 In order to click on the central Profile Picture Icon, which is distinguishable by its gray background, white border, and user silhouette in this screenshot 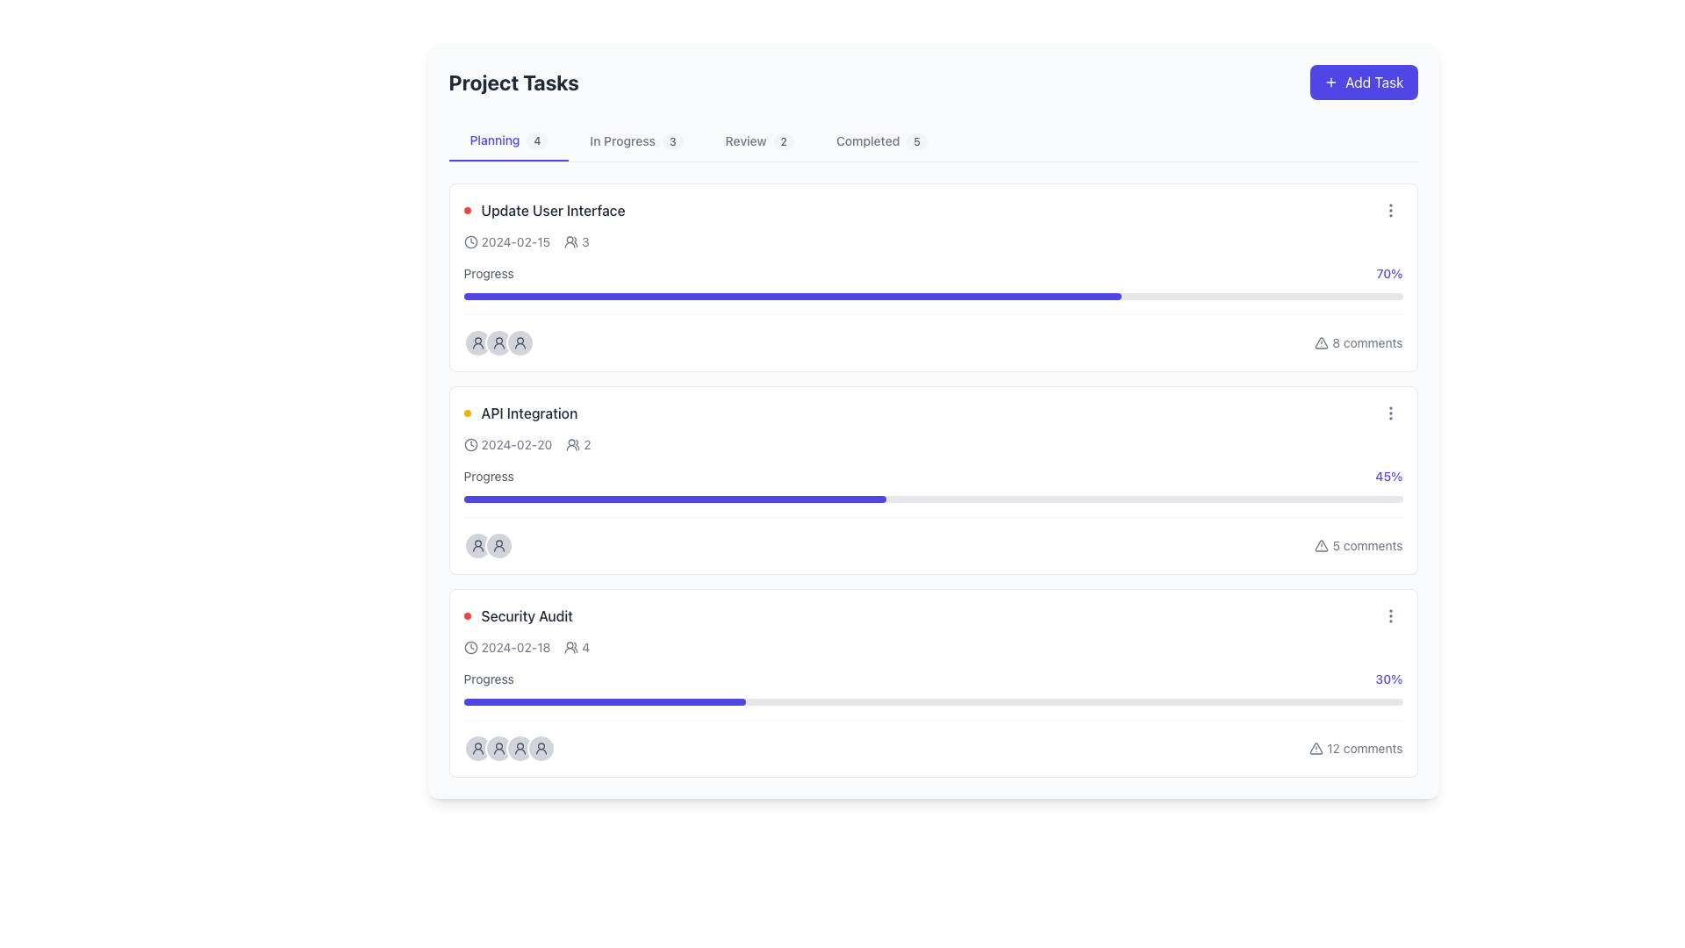, I will do `click(498, 342)`.